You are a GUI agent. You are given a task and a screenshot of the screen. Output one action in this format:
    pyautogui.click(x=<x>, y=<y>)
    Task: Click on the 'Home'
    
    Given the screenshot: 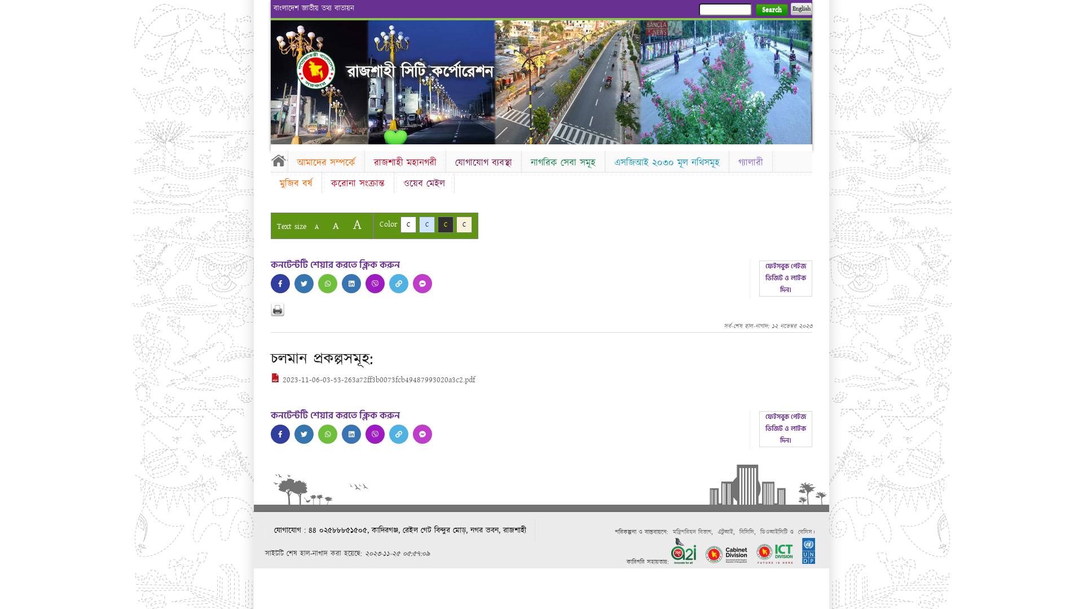 What is the action you would take?
    pyautogui.click(x=279, y=160)
    